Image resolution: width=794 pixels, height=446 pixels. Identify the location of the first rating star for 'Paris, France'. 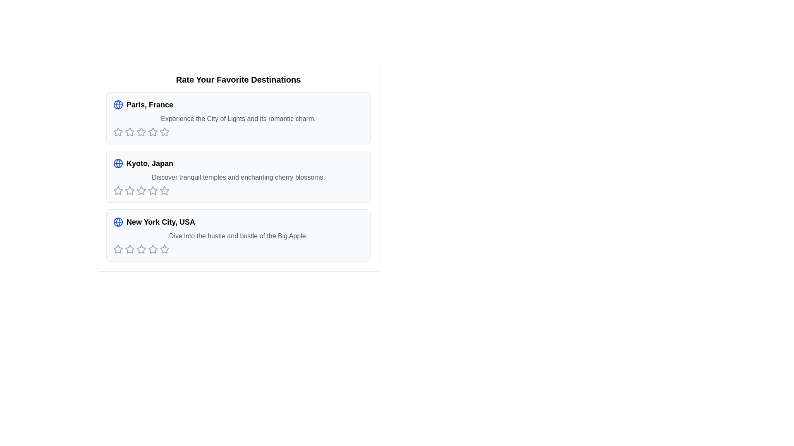
(118, 132).